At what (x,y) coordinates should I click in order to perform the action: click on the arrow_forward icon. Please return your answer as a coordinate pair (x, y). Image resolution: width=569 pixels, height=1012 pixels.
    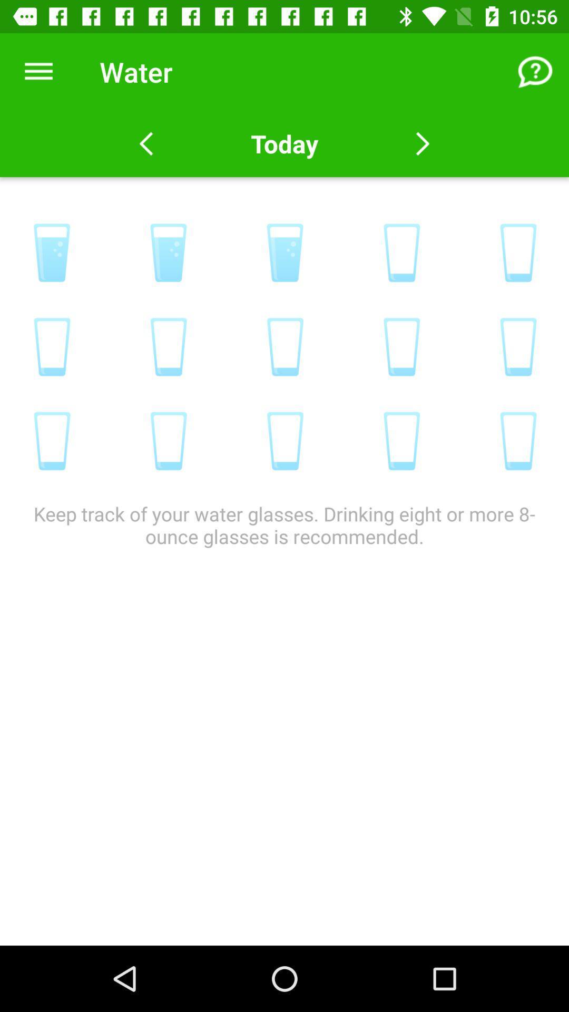
    Looking at the image, I should click on (422, 143).